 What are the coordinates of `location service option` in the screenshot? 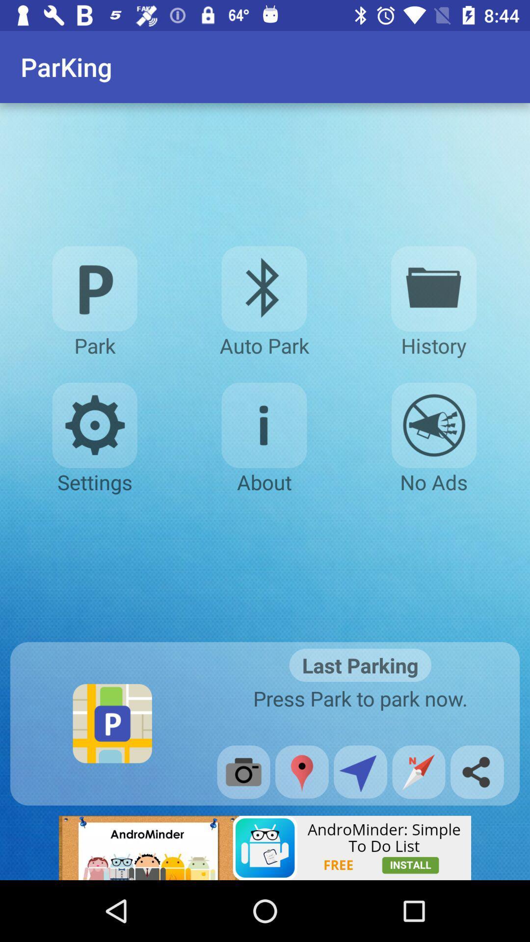 It's located at (360, 771).